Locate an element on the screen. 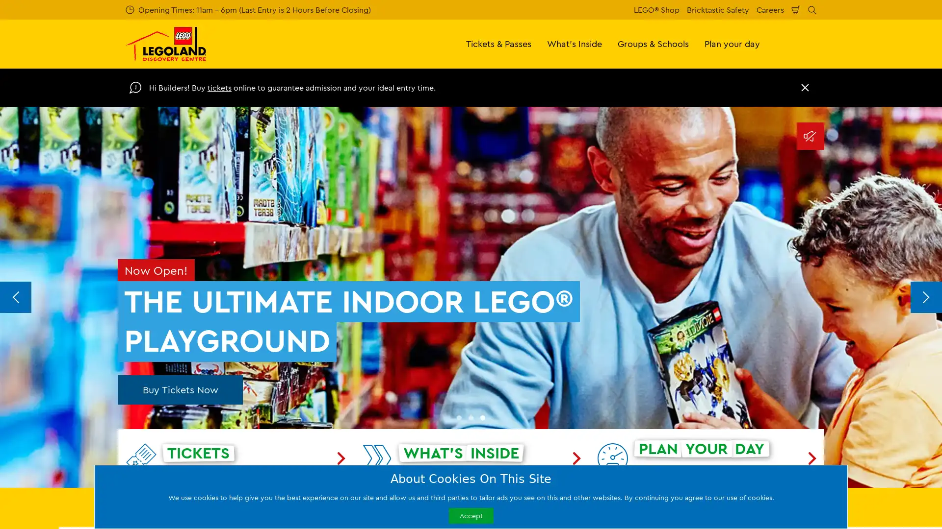 This screenshot has height=529, width=942. Accept is located at coordinates (470, 515).